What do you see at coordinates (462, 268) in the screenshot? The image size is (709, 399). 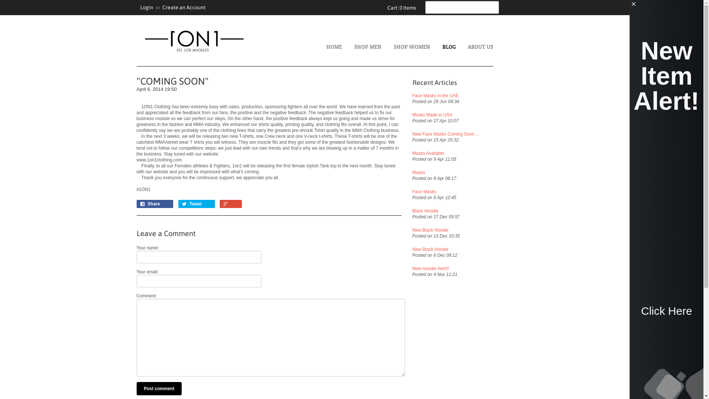 I see `'New Hoodie Alert!!'` at bounding box center [462, 268].